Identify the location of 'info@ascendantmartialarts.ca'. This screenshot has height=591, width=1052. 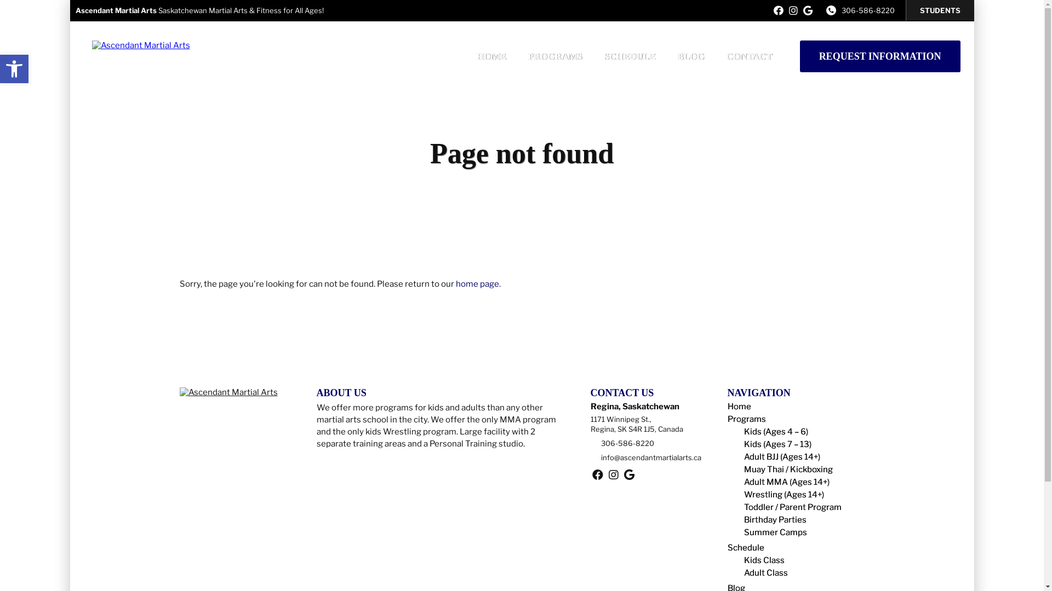
(650, 457).